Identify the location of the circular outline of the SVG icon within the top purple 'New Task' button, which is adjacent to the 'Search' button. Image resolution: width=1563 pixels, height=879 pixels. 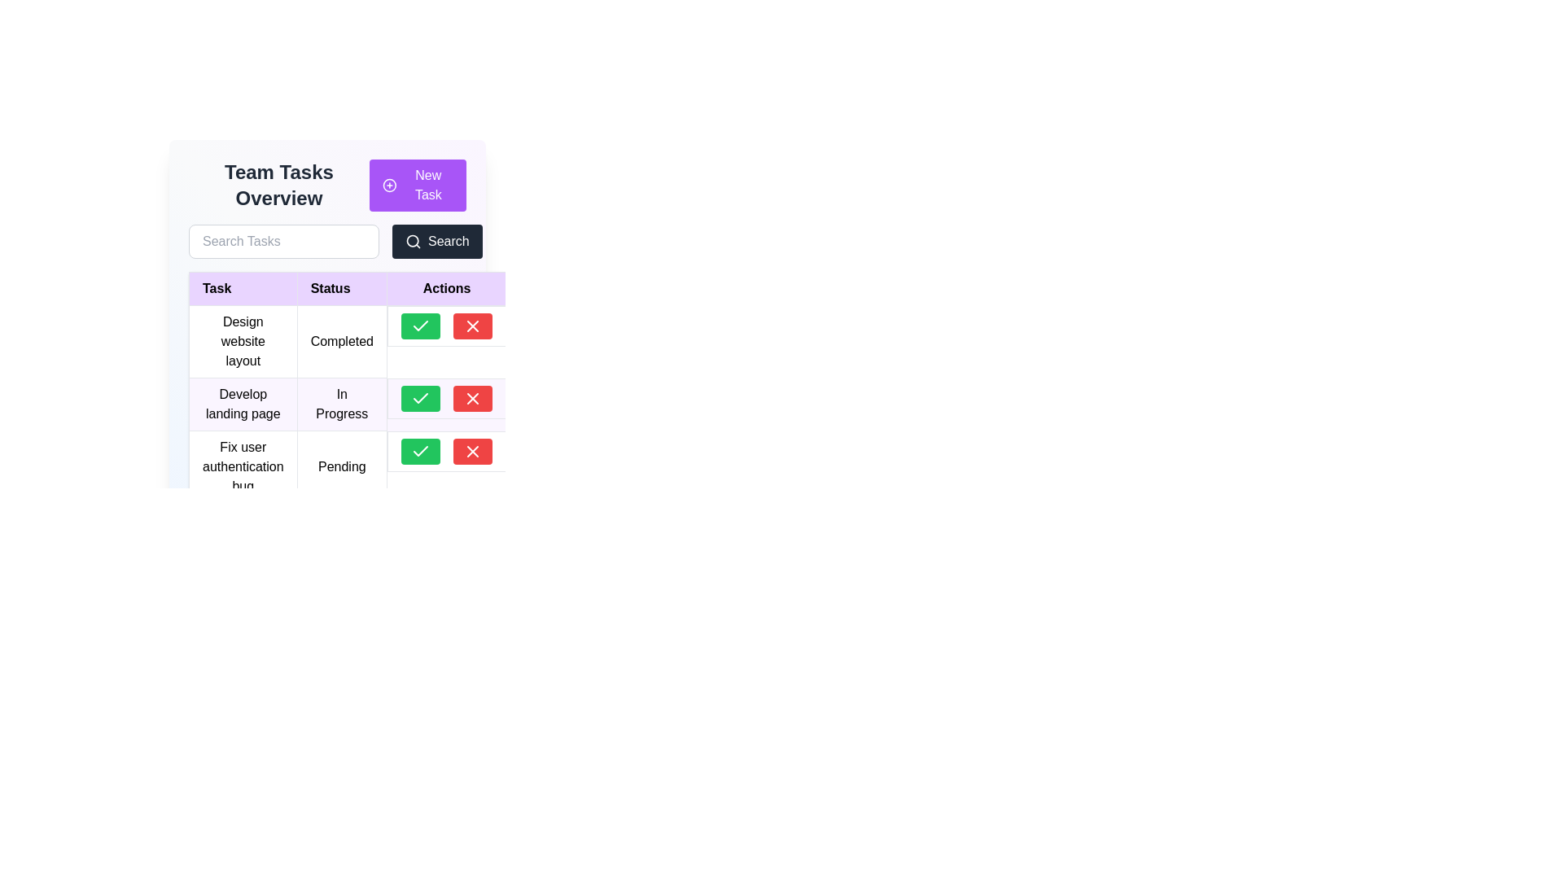
(388, 184).